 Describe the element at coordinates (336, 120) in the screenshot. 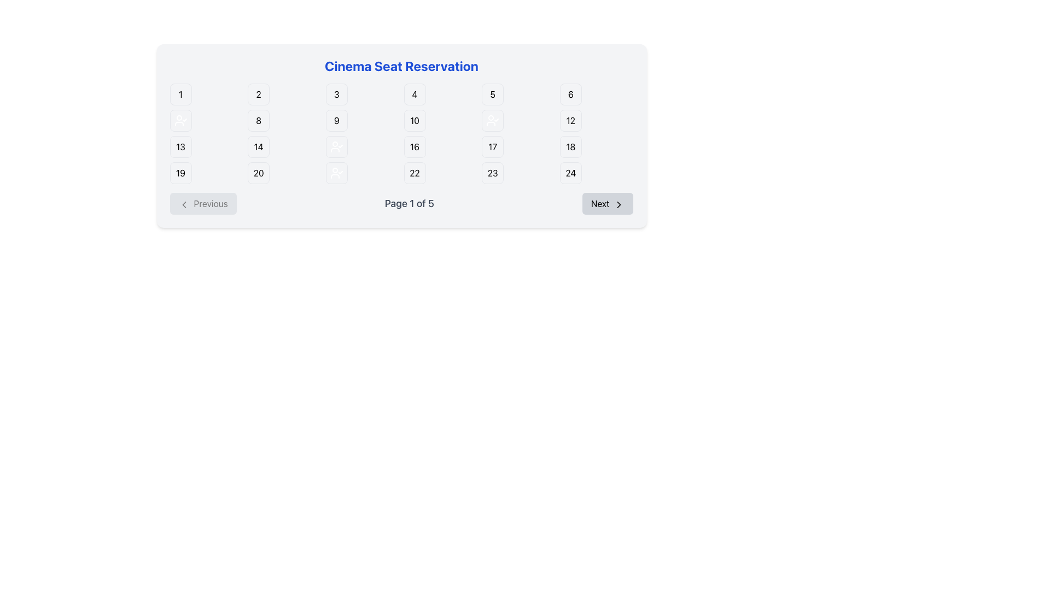

I see `the button-like indicator labeled '9', which is a rounded rectangle filled with a distinctive green color, located in the second row of a 6-column grid` at that location.